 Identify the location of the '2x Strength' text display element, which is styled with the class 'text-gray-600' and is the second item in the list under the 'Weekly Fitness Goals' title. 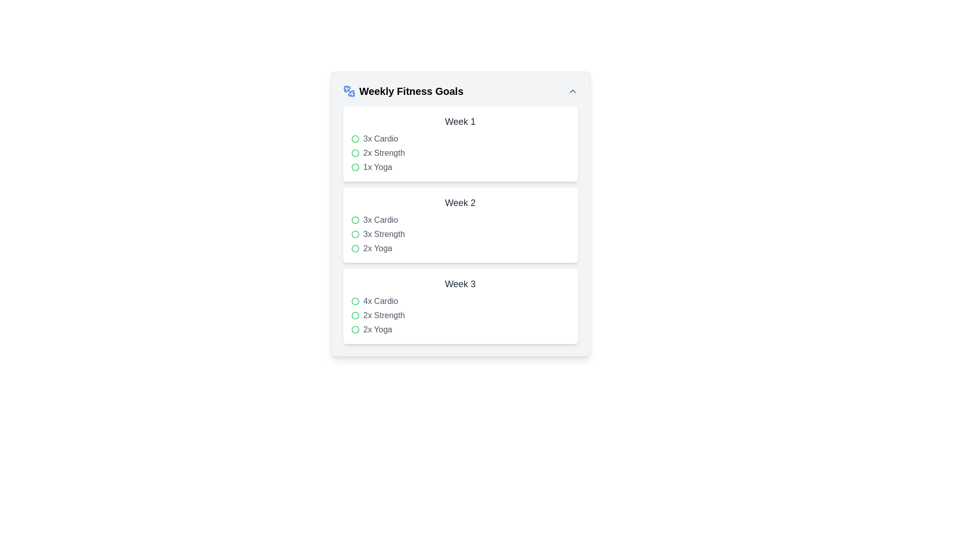
(383, 153).